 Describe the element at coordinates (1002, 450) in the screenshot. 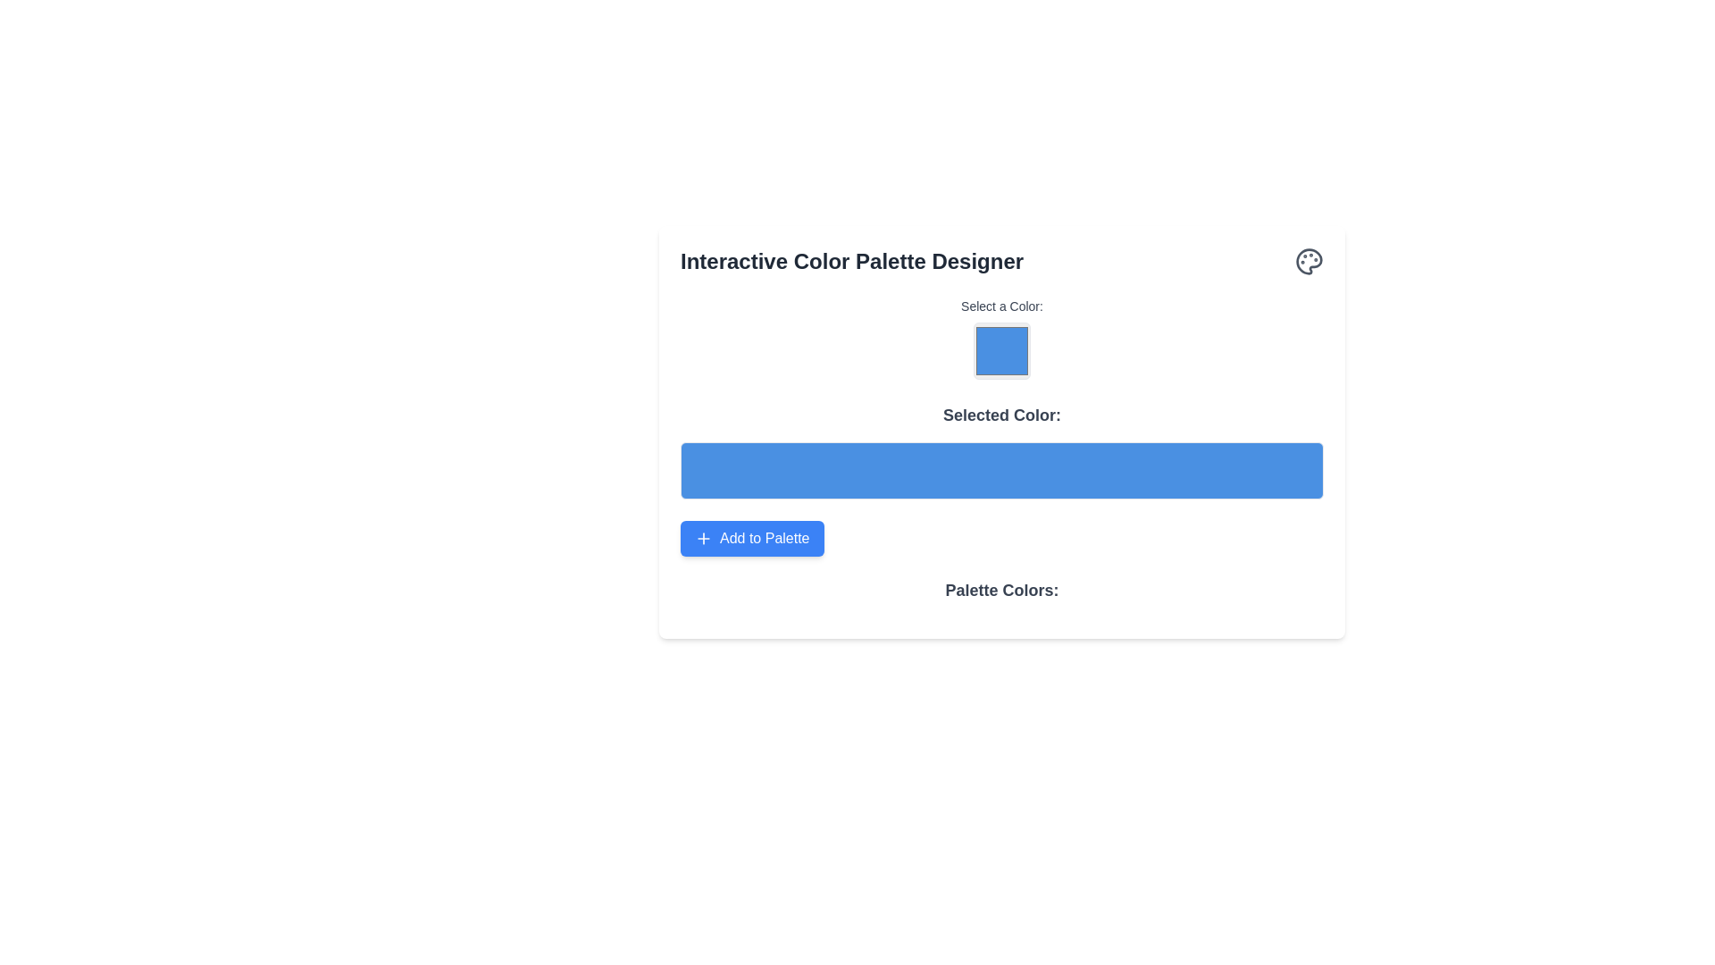

I see `displayed label from the Label and Color Display element located below the 'Select a Color' selector and above the 'Add to Palette' button in the 'Interactive Color Palette Designer' interface` at that location.